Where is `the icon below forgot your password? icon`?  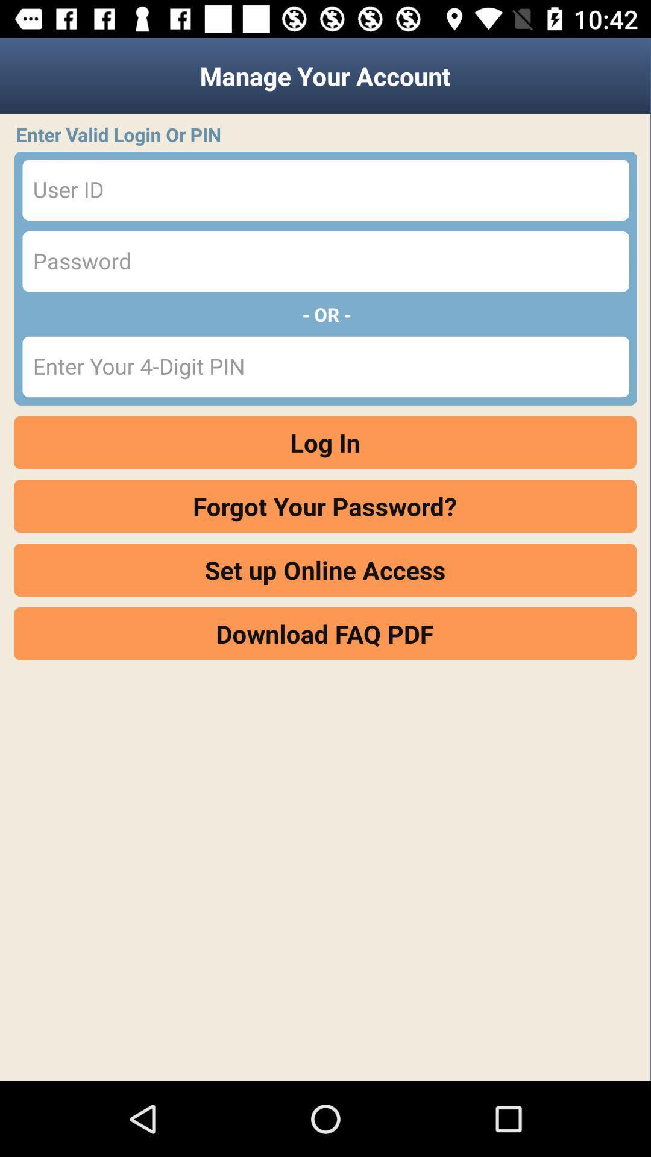 the icon below forgot your password? icon is located at coordinates (324, 569).